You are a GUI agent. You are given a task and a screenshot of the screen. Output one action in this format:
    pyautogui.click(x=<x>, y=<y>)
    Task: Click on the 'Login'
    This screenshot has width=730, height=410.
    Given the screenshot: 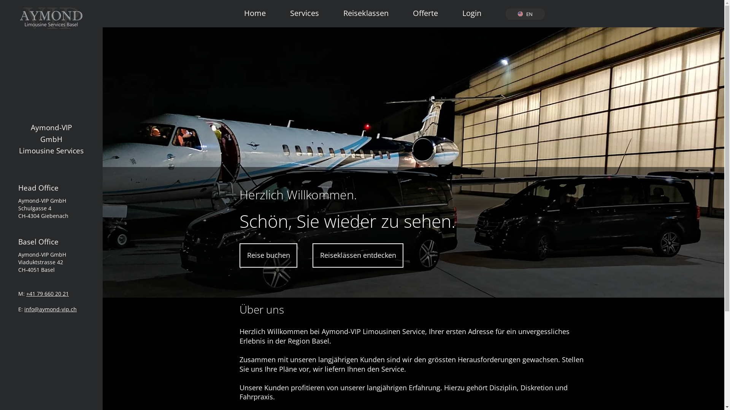 What is the action you would take?
    pyautogui.click(x=471, y=9)
    